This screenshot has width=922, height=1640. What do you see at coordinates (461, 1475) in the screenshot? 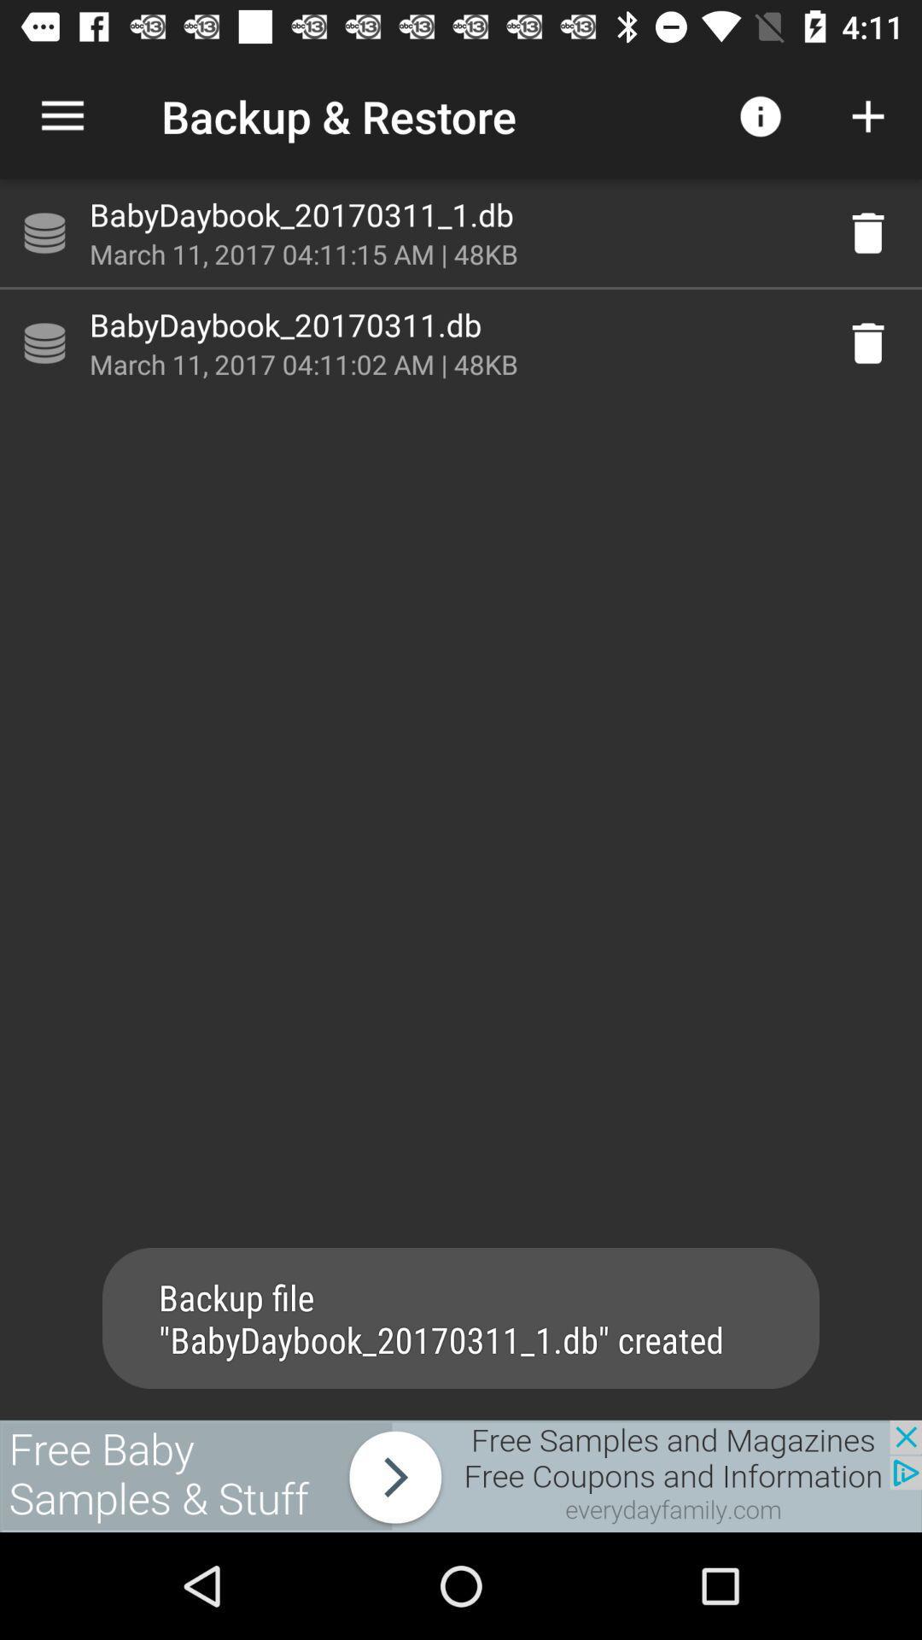
I see `advertiement page` at bounding box center [461, 1475].